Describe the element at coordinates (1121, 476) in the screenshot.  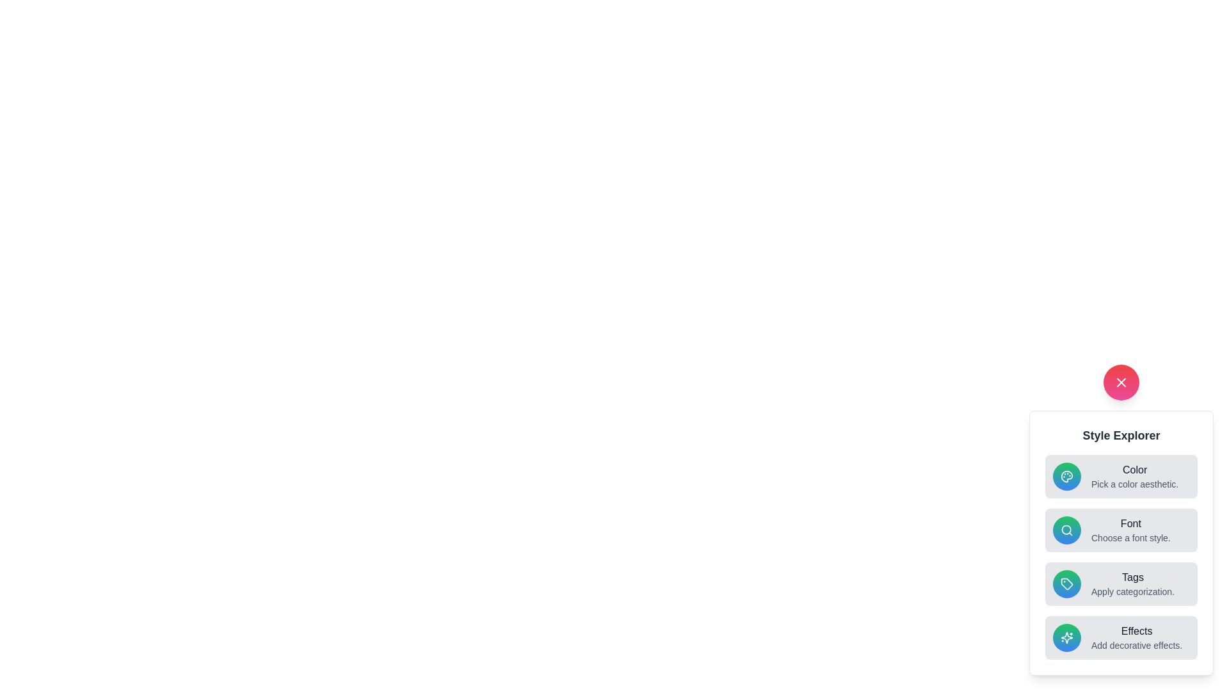
I see `the style option labeled Color` at that location.